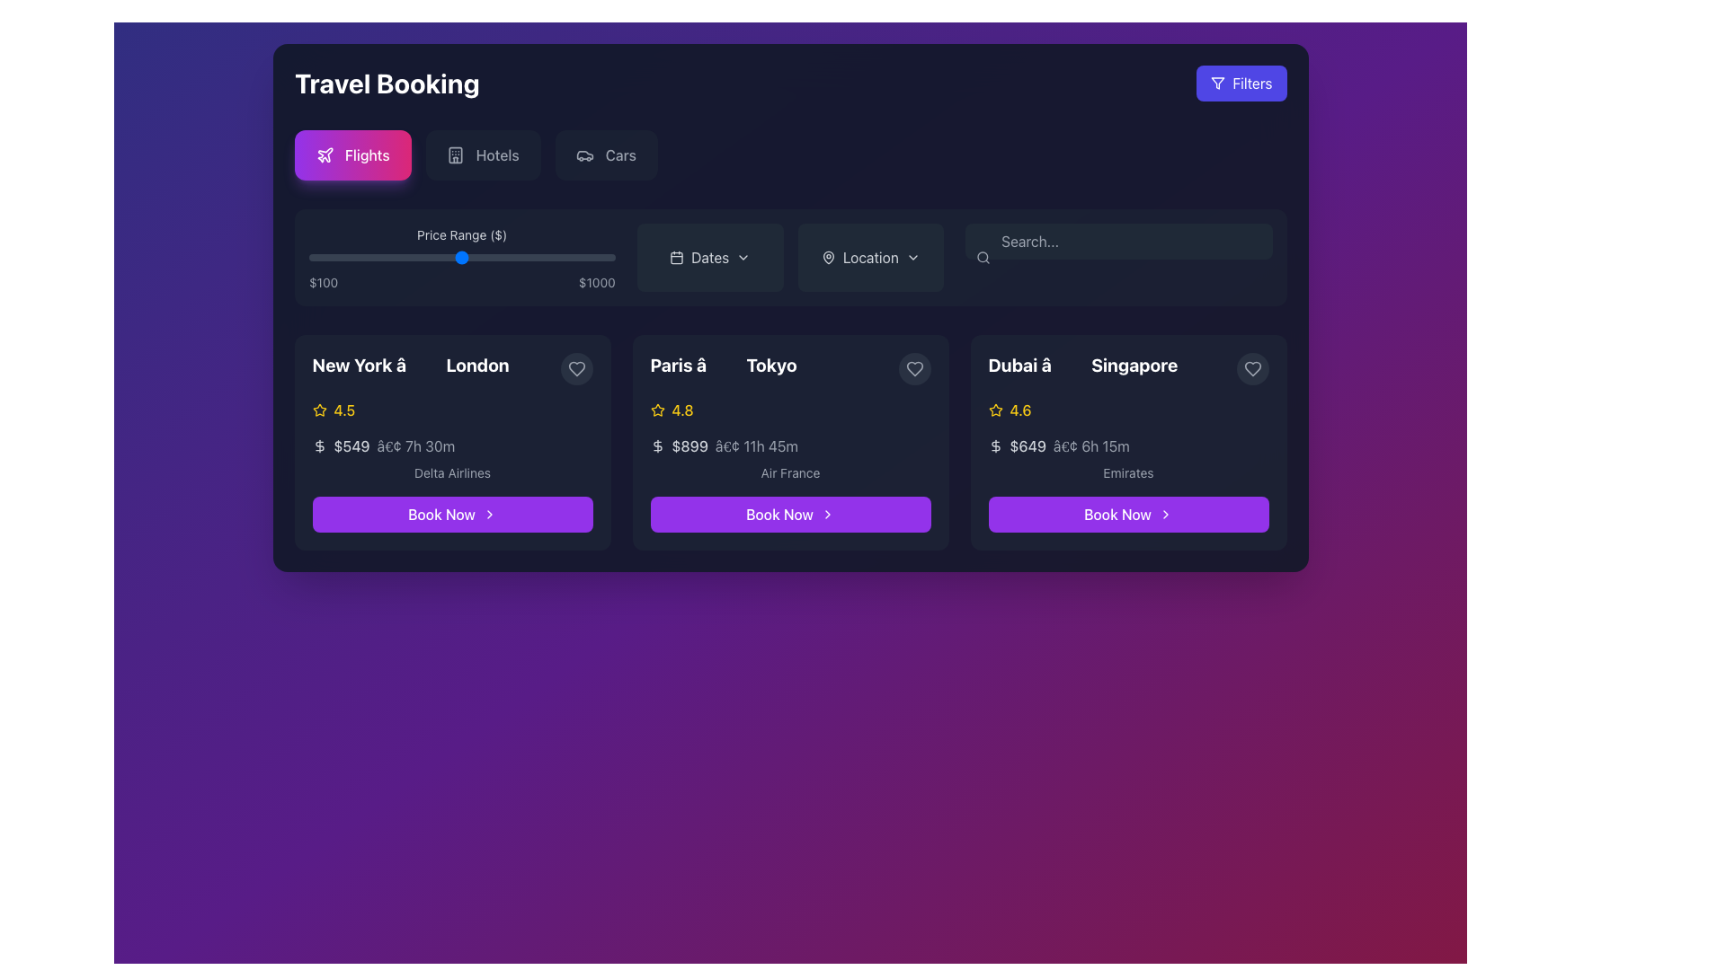 The height and width of the screenshot is (970, 1726). Describe the element at coordinates (609, 257) in the screenshot. I see `the price range` at that location.